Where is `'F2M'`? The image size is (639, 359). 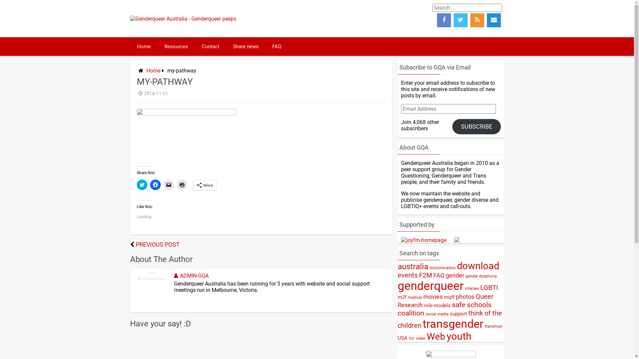 'F2M' is located at coordinates (425, 275).